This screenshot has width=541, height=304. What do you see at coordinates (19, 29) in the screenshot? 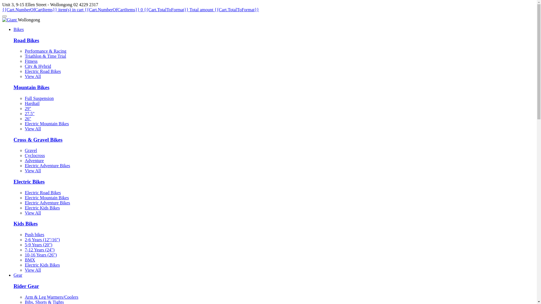
I see `'Bikes'` at bounding box center [19, 29].